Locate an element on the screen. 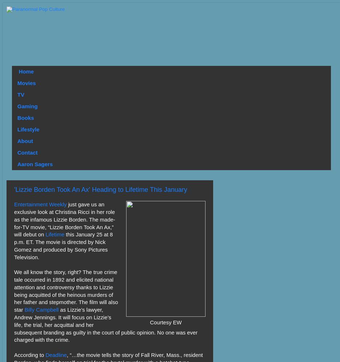 The width and height of the screenshot is (340, 362). 'About' is located at coordinates (25, 141).